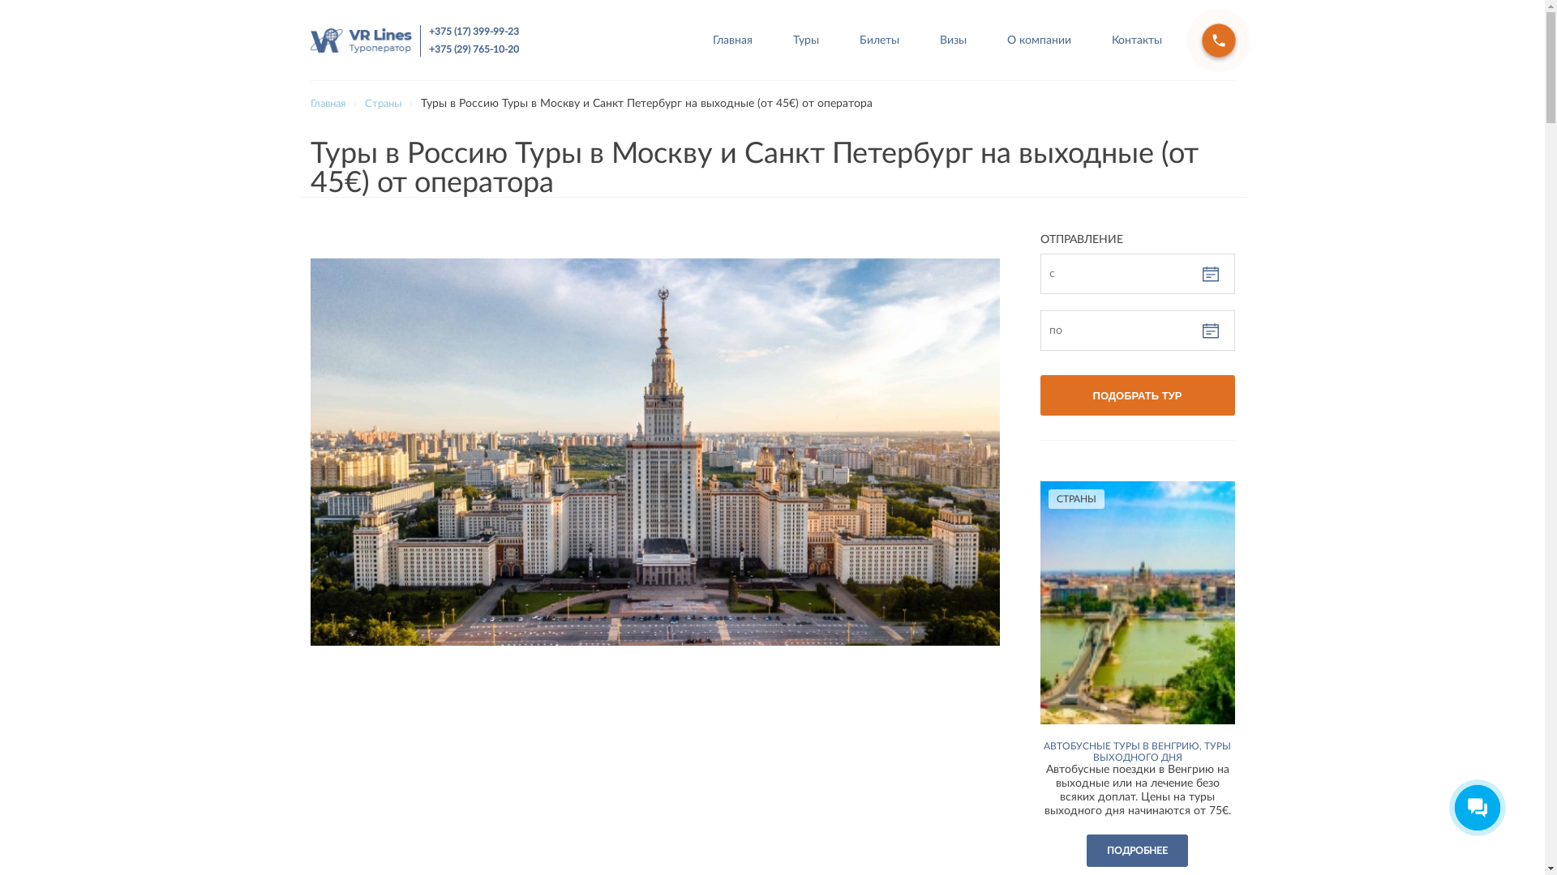  Describe the element at coordinates (428, 48) in the screenshot. I see `'+375 (29) 765-10-20'` at that location.